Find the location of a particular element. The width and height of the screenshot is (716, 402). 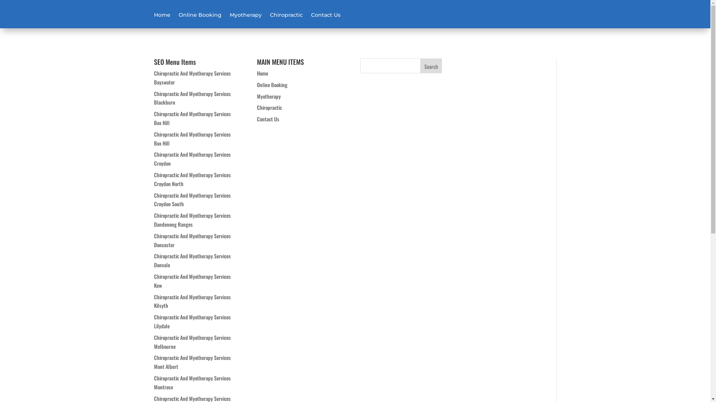

'Online Booking' is located at coordinates (178, 20).